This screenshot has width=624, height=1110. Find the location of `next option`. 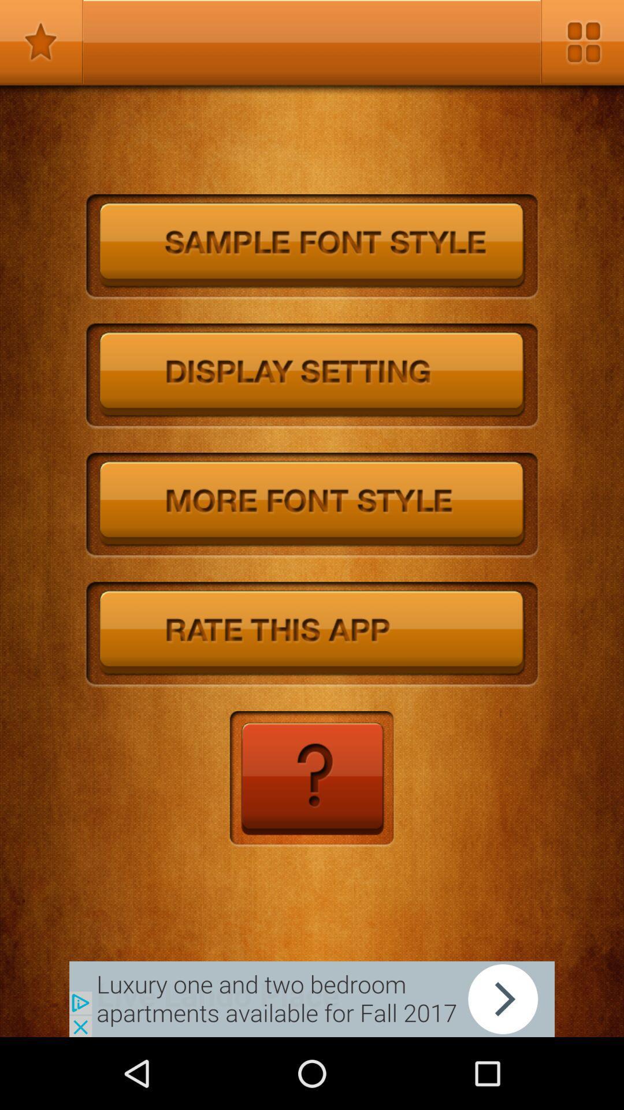

next option is located at coordinates (312, 998).